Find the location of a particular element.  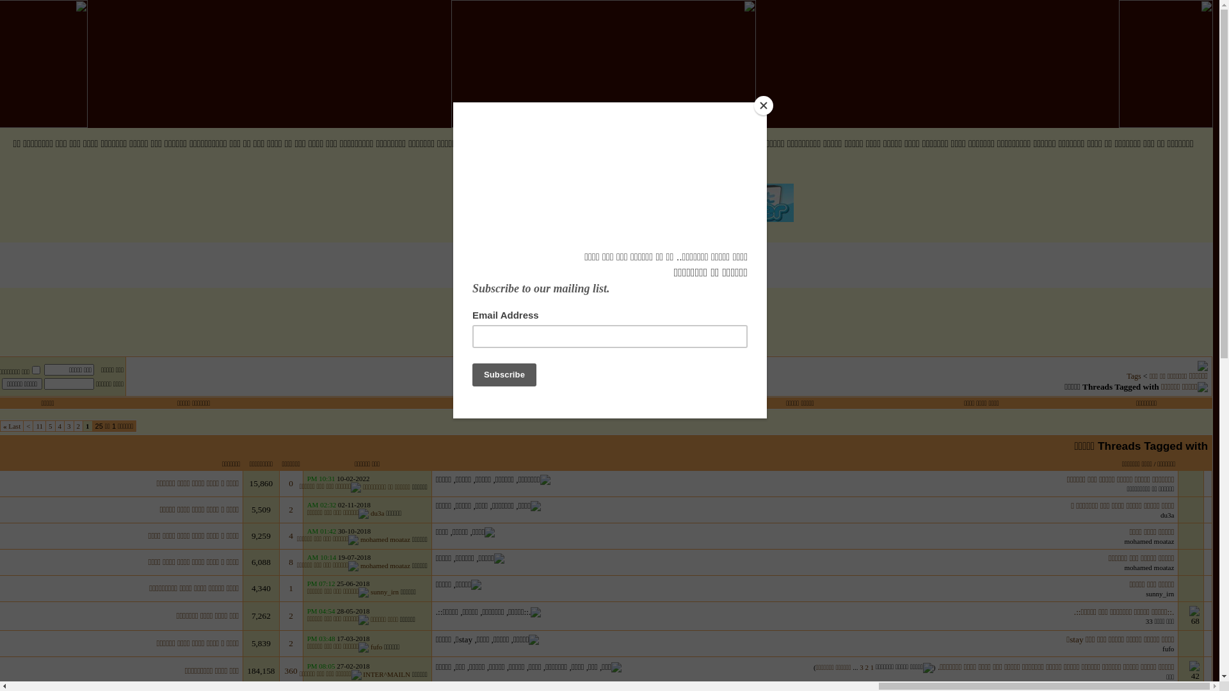

'11' is located at coordinates (36, 426).